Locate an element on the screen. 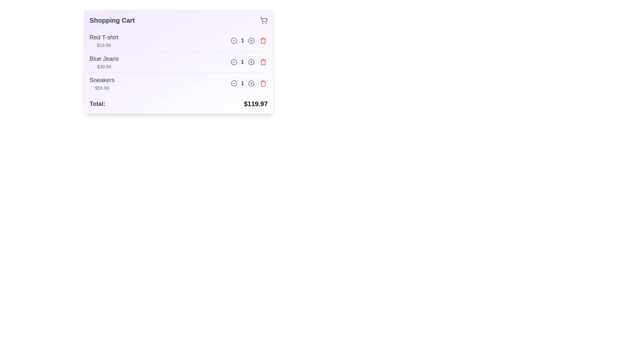 Image resolution: width=631 pixels, height=355 pixels. the shopping cart icon located in the top-right corner of the 'Shopping Cart' panel is located at coordinates (264, 19).